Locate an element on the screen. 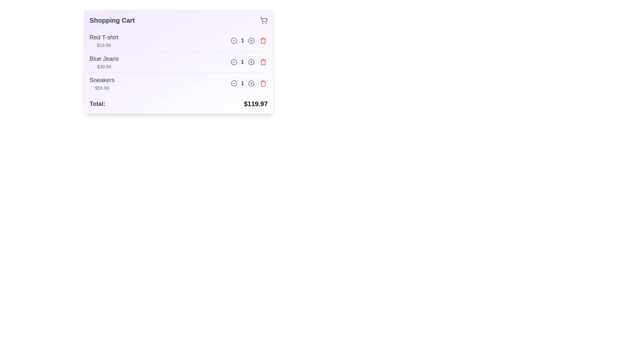 Image resolution: width=631 pixels, height=355 pixels. the shopping cart icon located in the top-right corner of the 'Shopping Cart' panel is located at coordinates (264, 19).